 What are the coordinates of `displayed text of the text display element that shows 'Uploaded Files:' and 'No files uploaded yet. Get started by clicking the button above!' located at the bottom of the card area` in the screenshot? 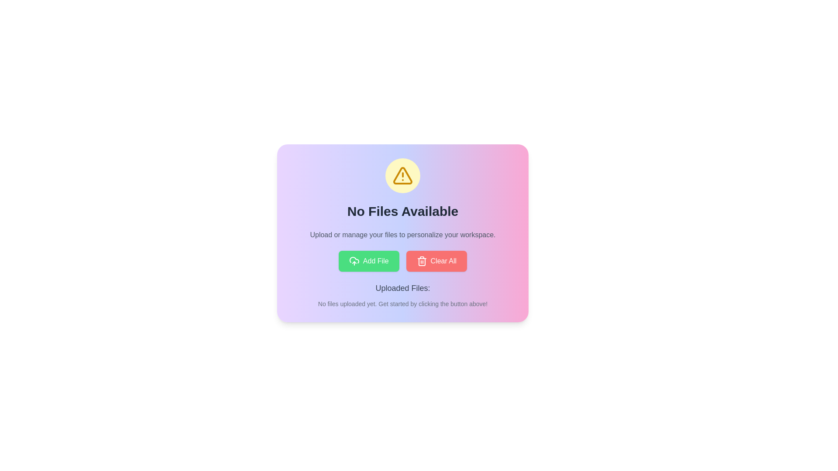 It's located at (402, 295).